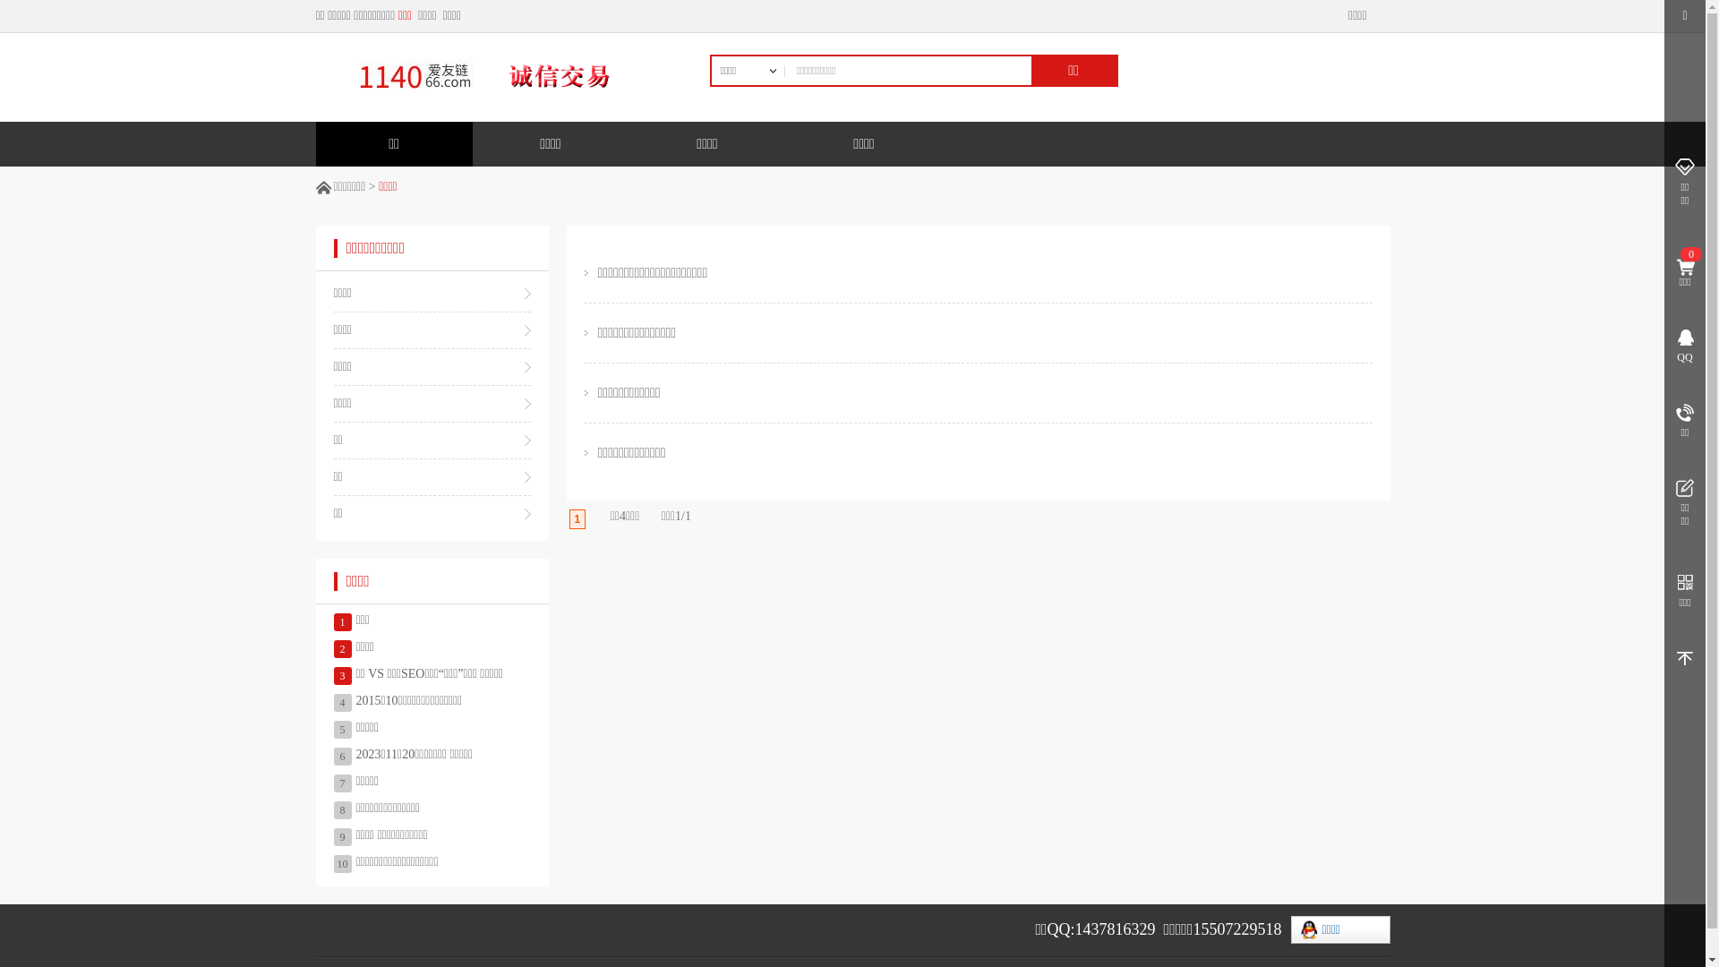 This screenshot has height=967, width=1719. What do you see at coordinates (577, 518) in the screenshot?
I see `'1'` at bounding box center [577, 518].